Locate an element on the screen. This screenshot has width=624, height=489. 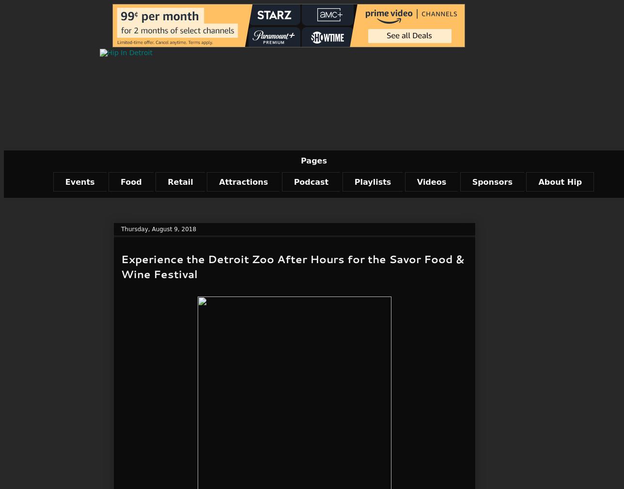
'Pages' is located at coordinates (313, 161).